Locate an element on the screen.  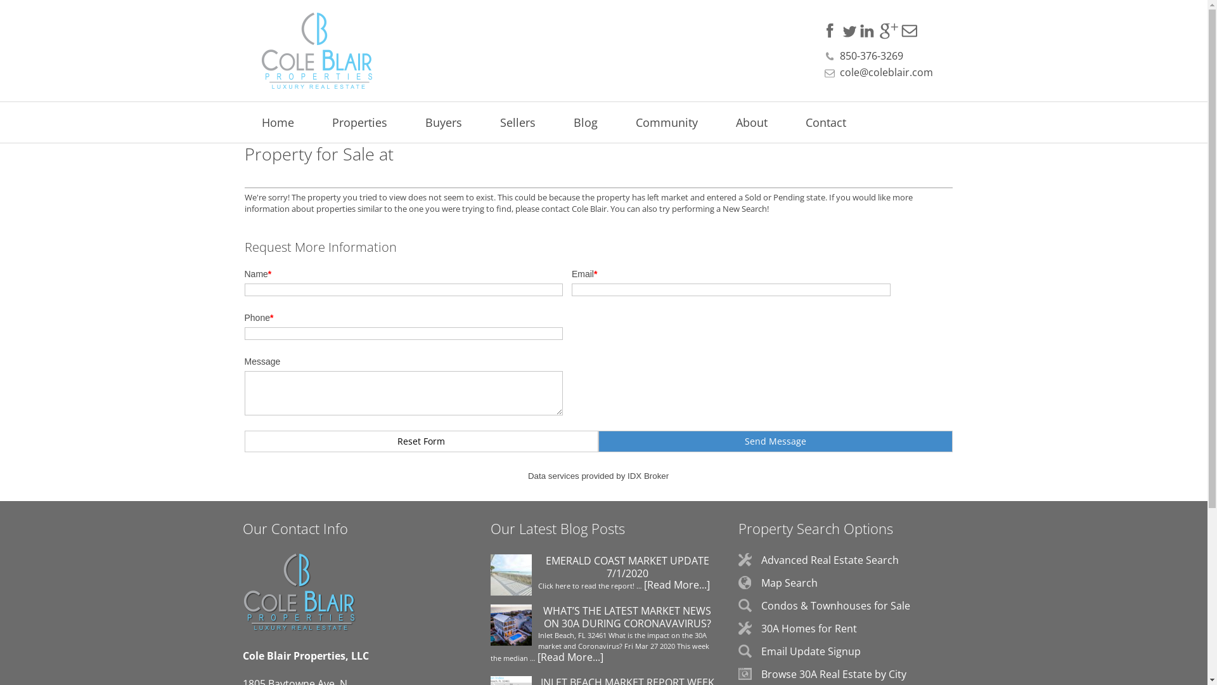
'[Read More...]' is located at coordinates (570, 656).